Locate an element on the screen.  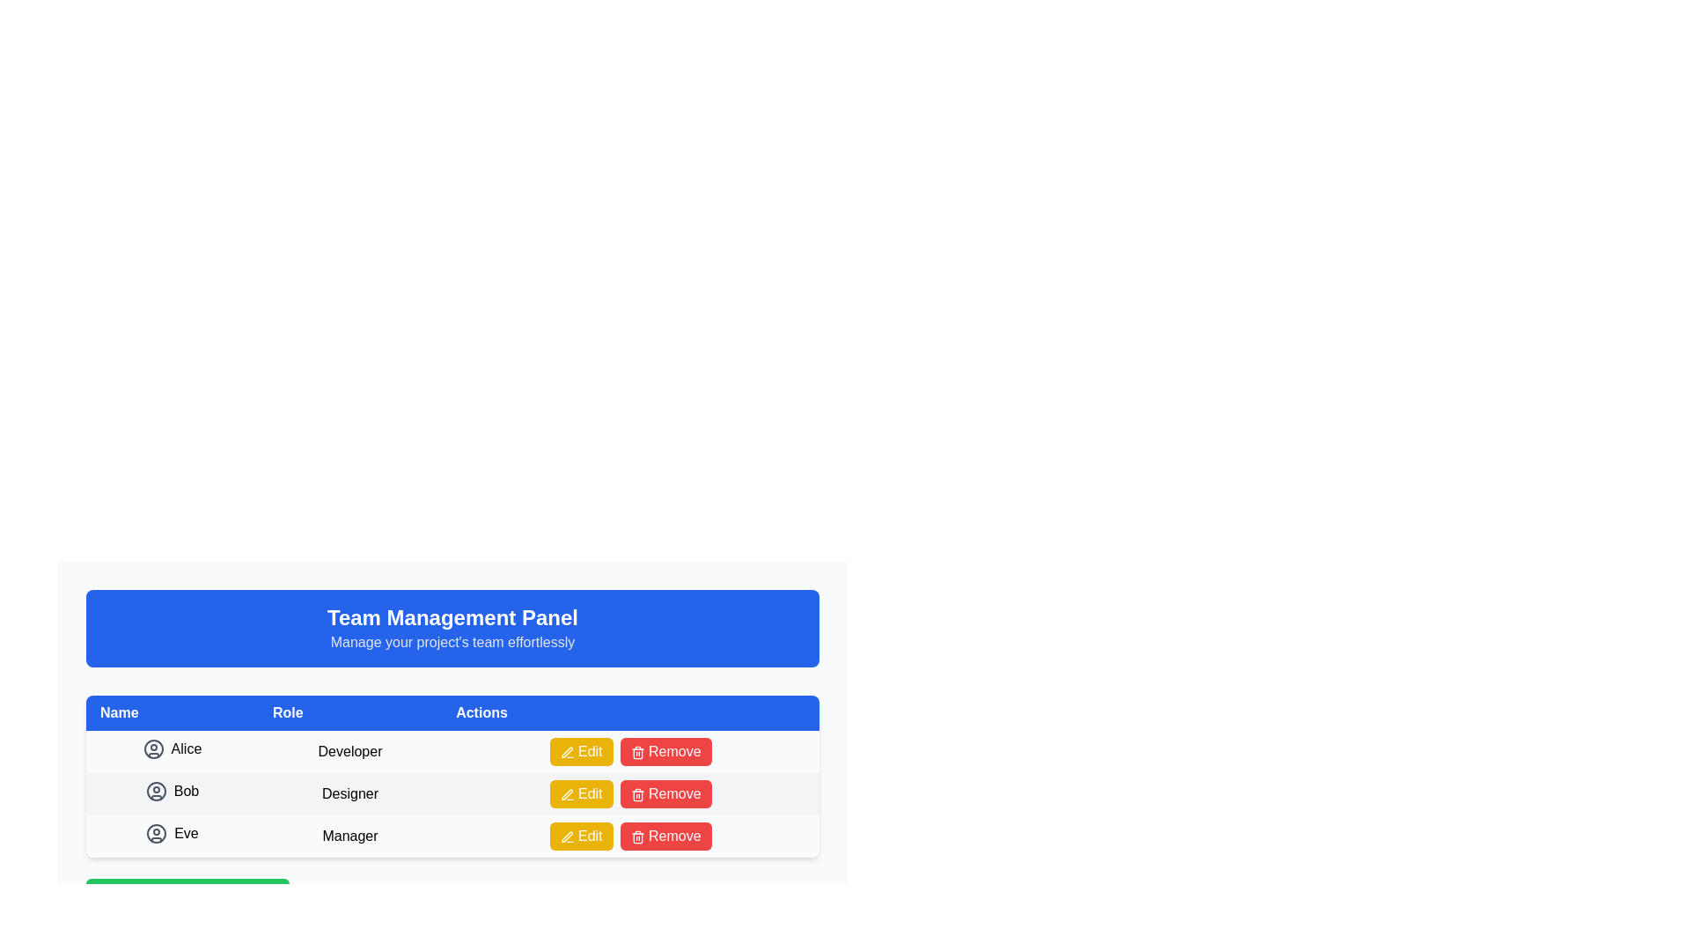
the first interactive button in the 'Actions' column of the table corresponding to the 'Manager' row is located at coordinates (581, 835).